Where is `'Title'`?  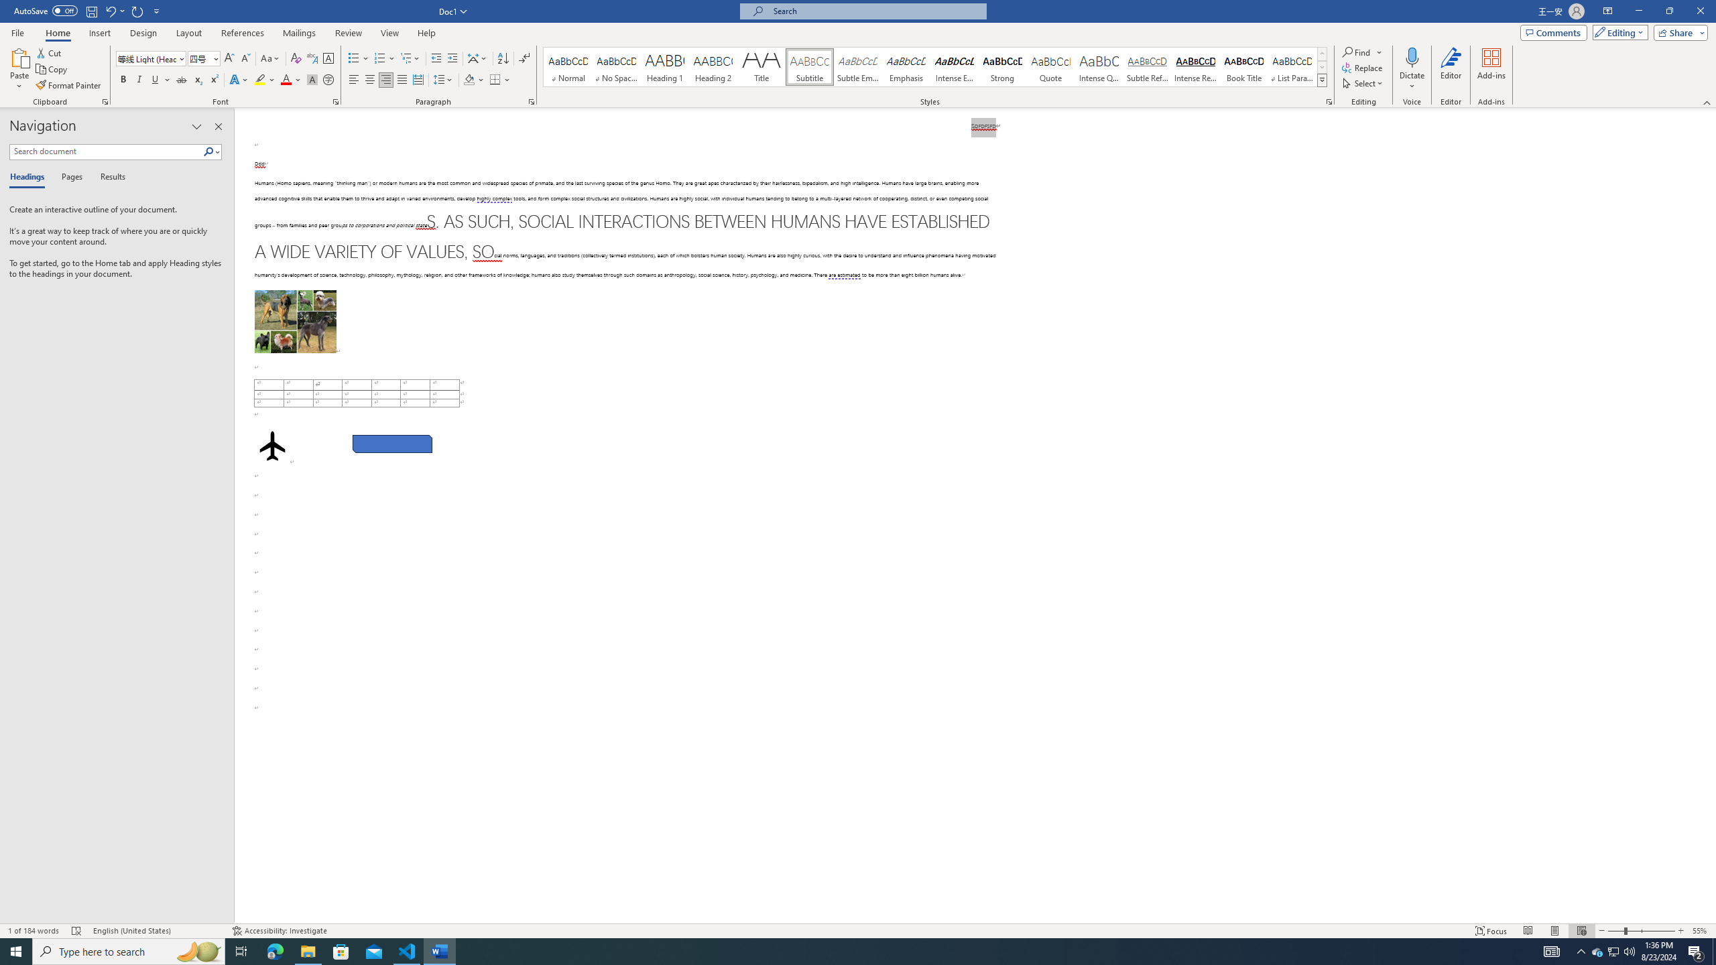 'Title' is located at coordinates (761, 66).